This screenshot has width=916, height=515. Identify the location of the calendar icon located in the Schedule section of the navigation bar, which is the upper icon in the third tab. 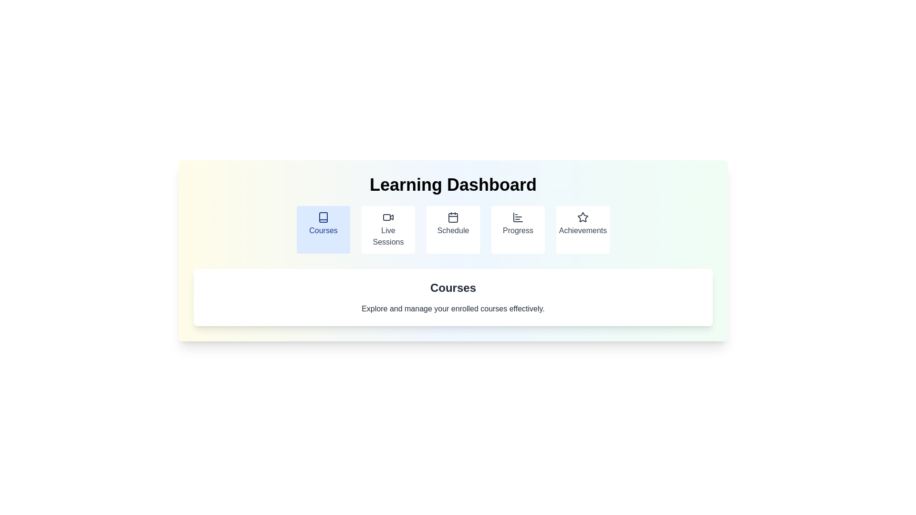
(453, 217).